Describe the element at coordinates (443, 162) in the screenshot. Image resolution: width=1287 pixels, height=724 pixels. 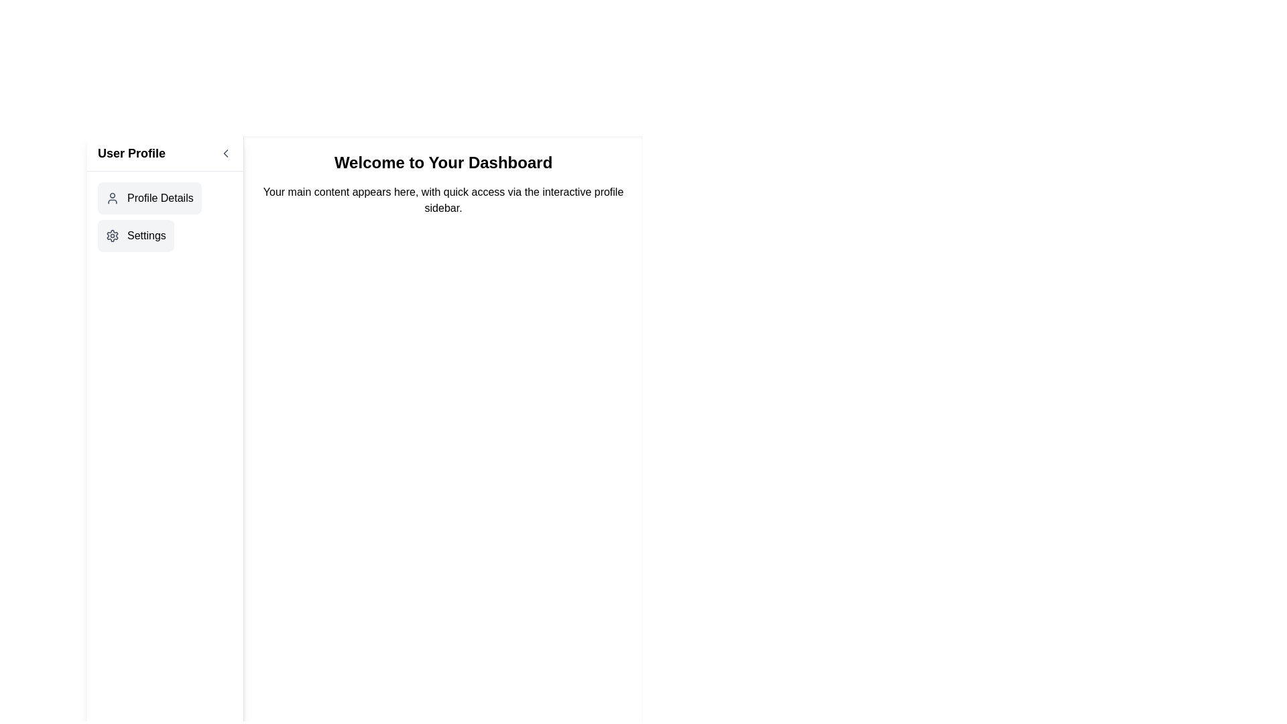
I see `the welcoming banner text display element located in the central panel on the right-hand side of the dashboard interface` at that location.